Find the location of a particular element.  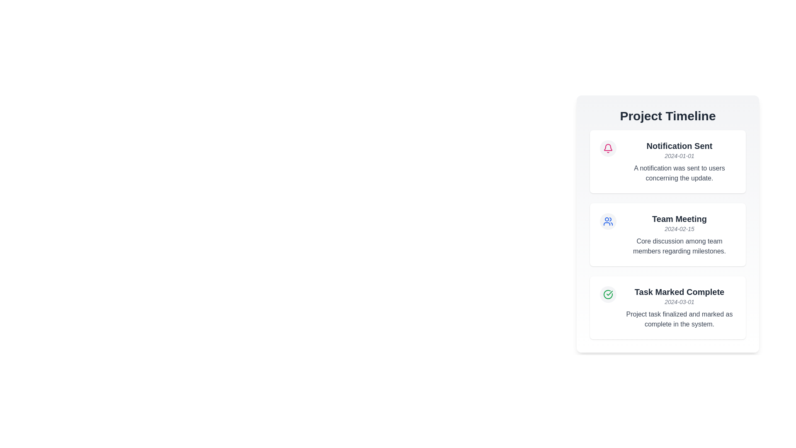

the 'Project Timeline' text label is located at coordinates (668, 116).